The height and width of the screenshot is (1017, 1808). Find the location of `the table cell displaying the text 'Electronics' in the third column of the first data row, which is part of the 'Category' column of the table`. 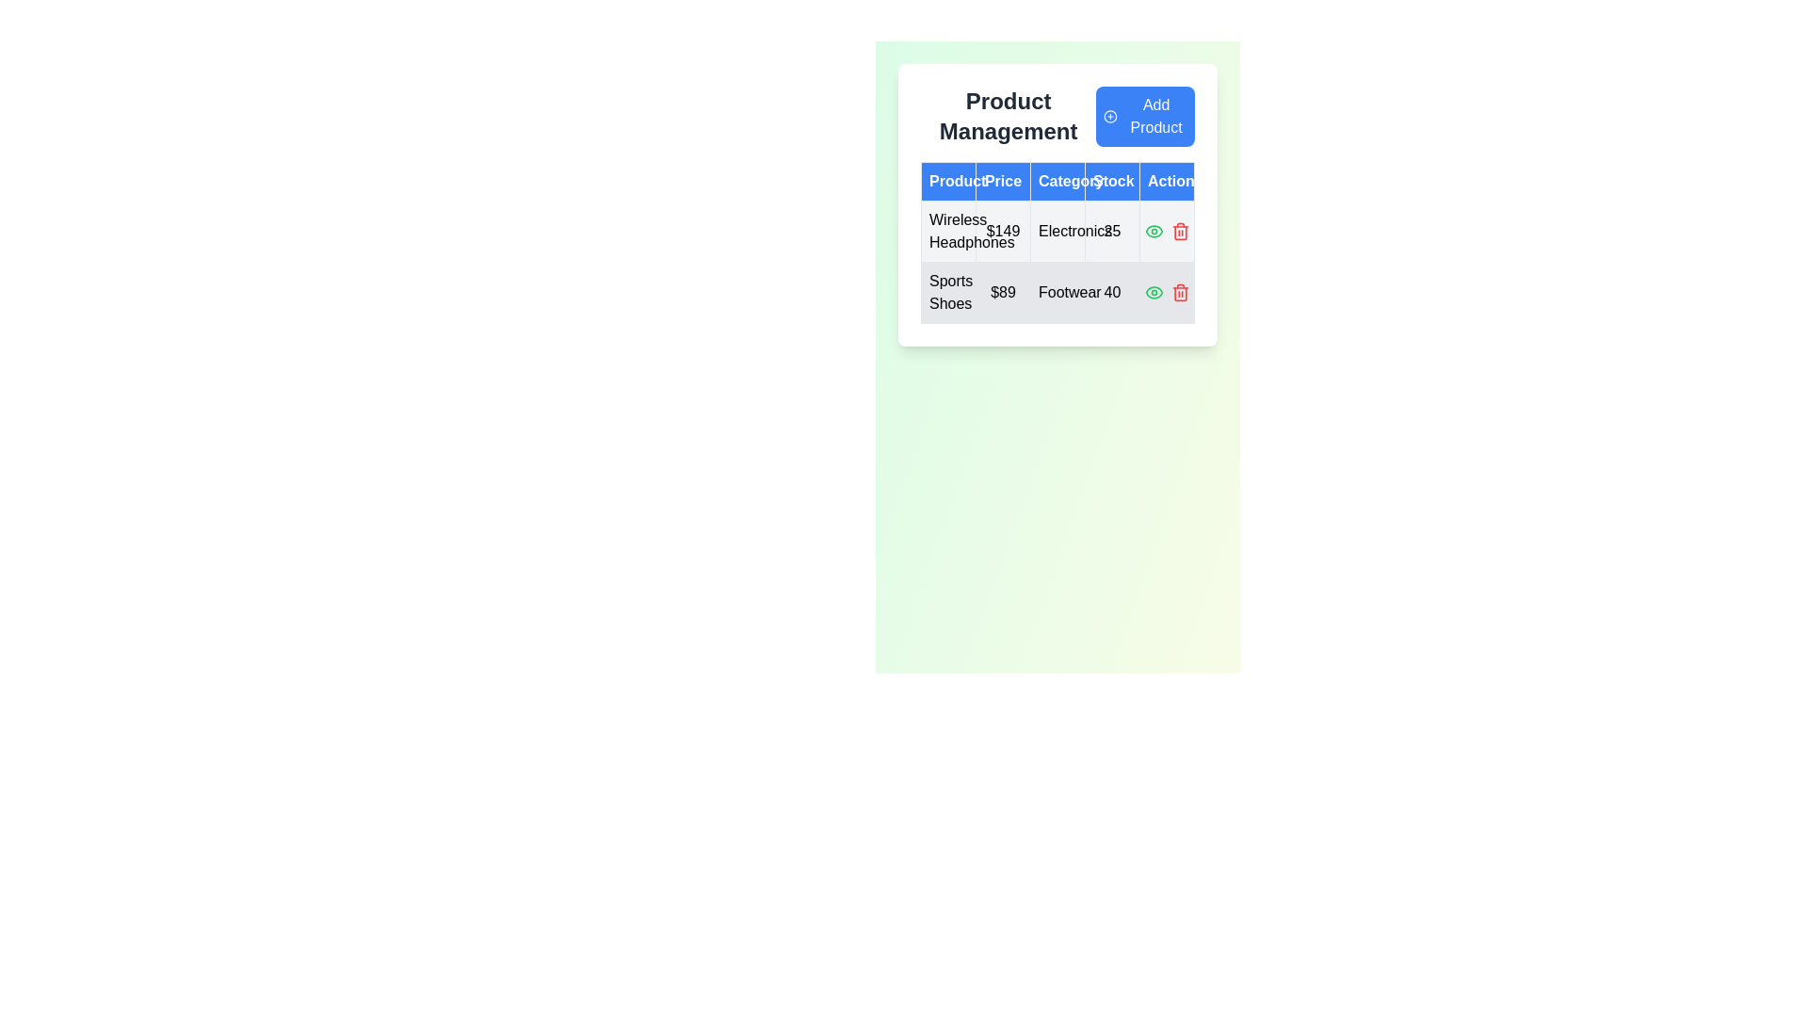

the table cell displaying the text 'Electronics' in the third column of the first data row, which is part of the 'Category' column of the table is located at coordinates (1057, 231).